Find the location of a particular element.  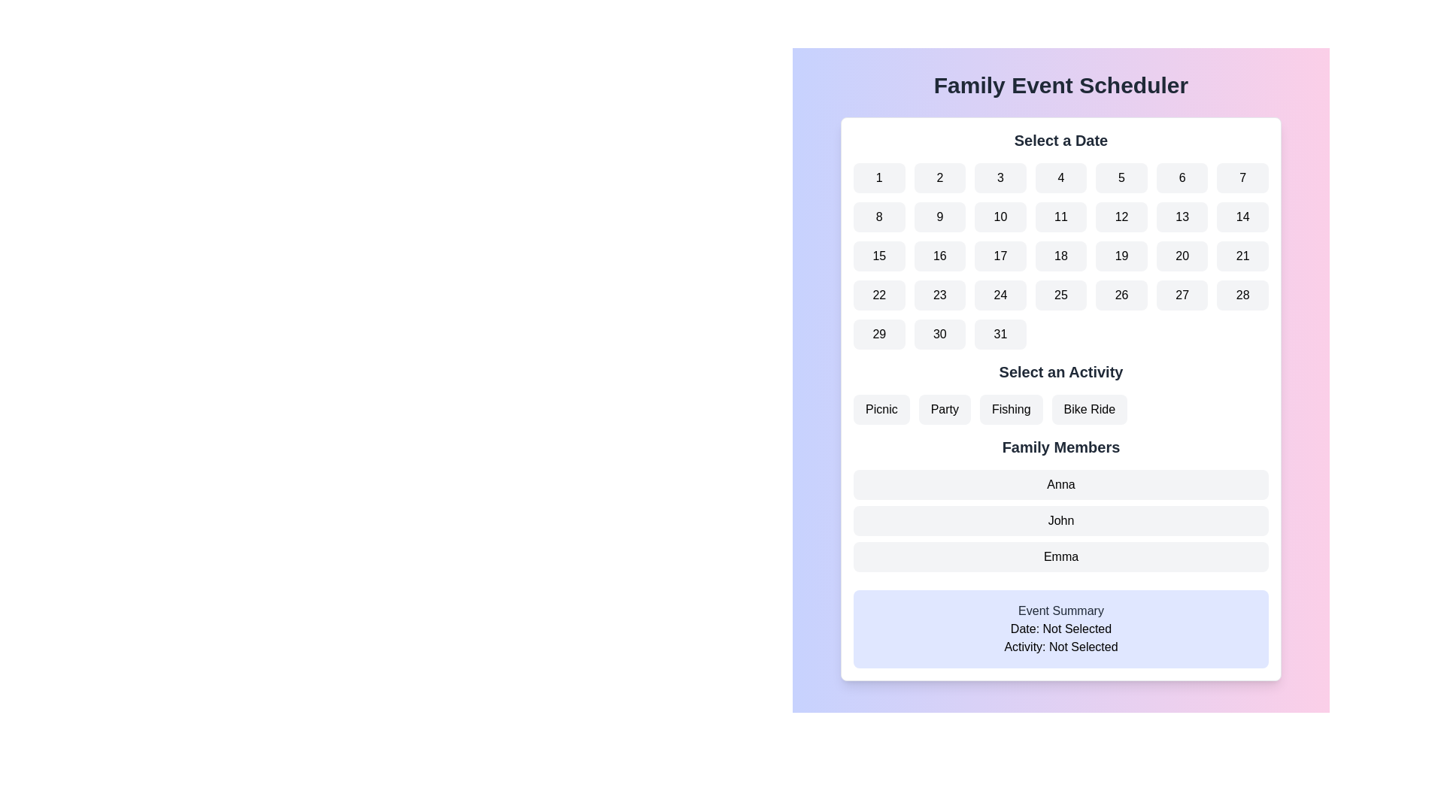

the button labeled '13' located is located at coordinates (1182, 217).